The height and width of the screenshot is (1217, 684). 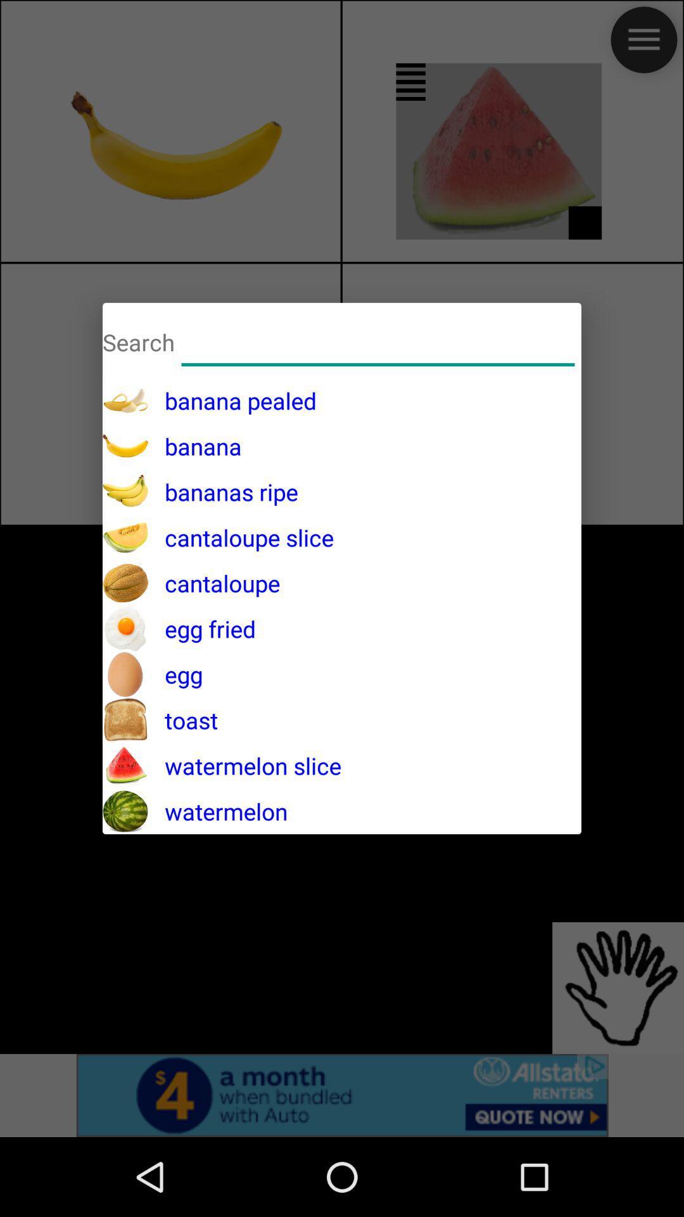 What do you see at coordinates (244, 765) in the screenshot?
I see `the watermelon slice` at bounding box center [244, 765].